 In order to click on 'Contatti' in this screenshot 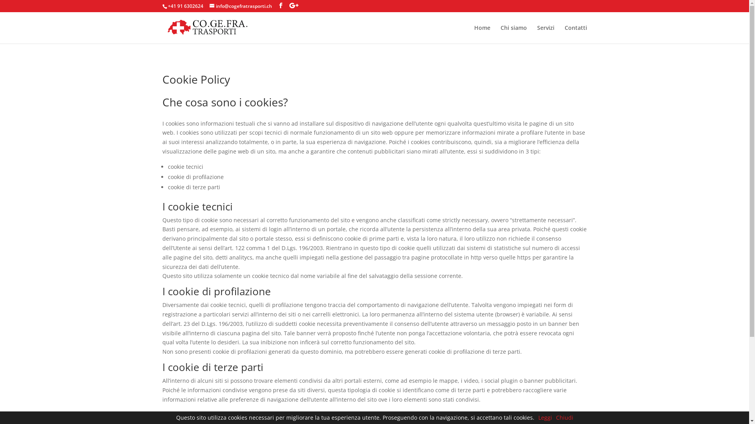, I will do `click(576, 34)`.